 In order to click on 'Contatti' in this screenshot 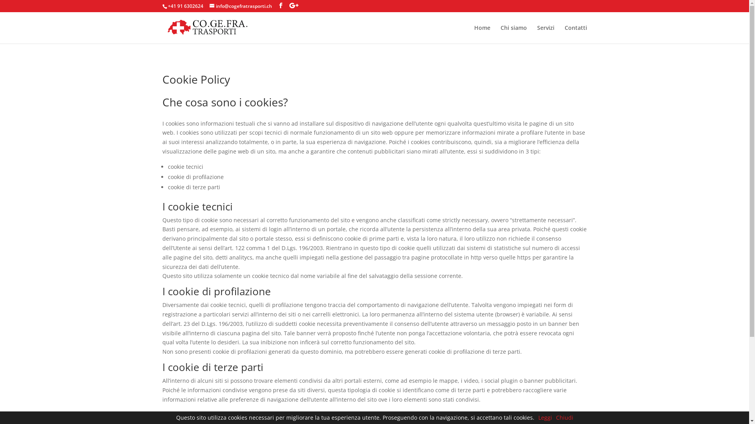, I will do `click(576, 34)`.